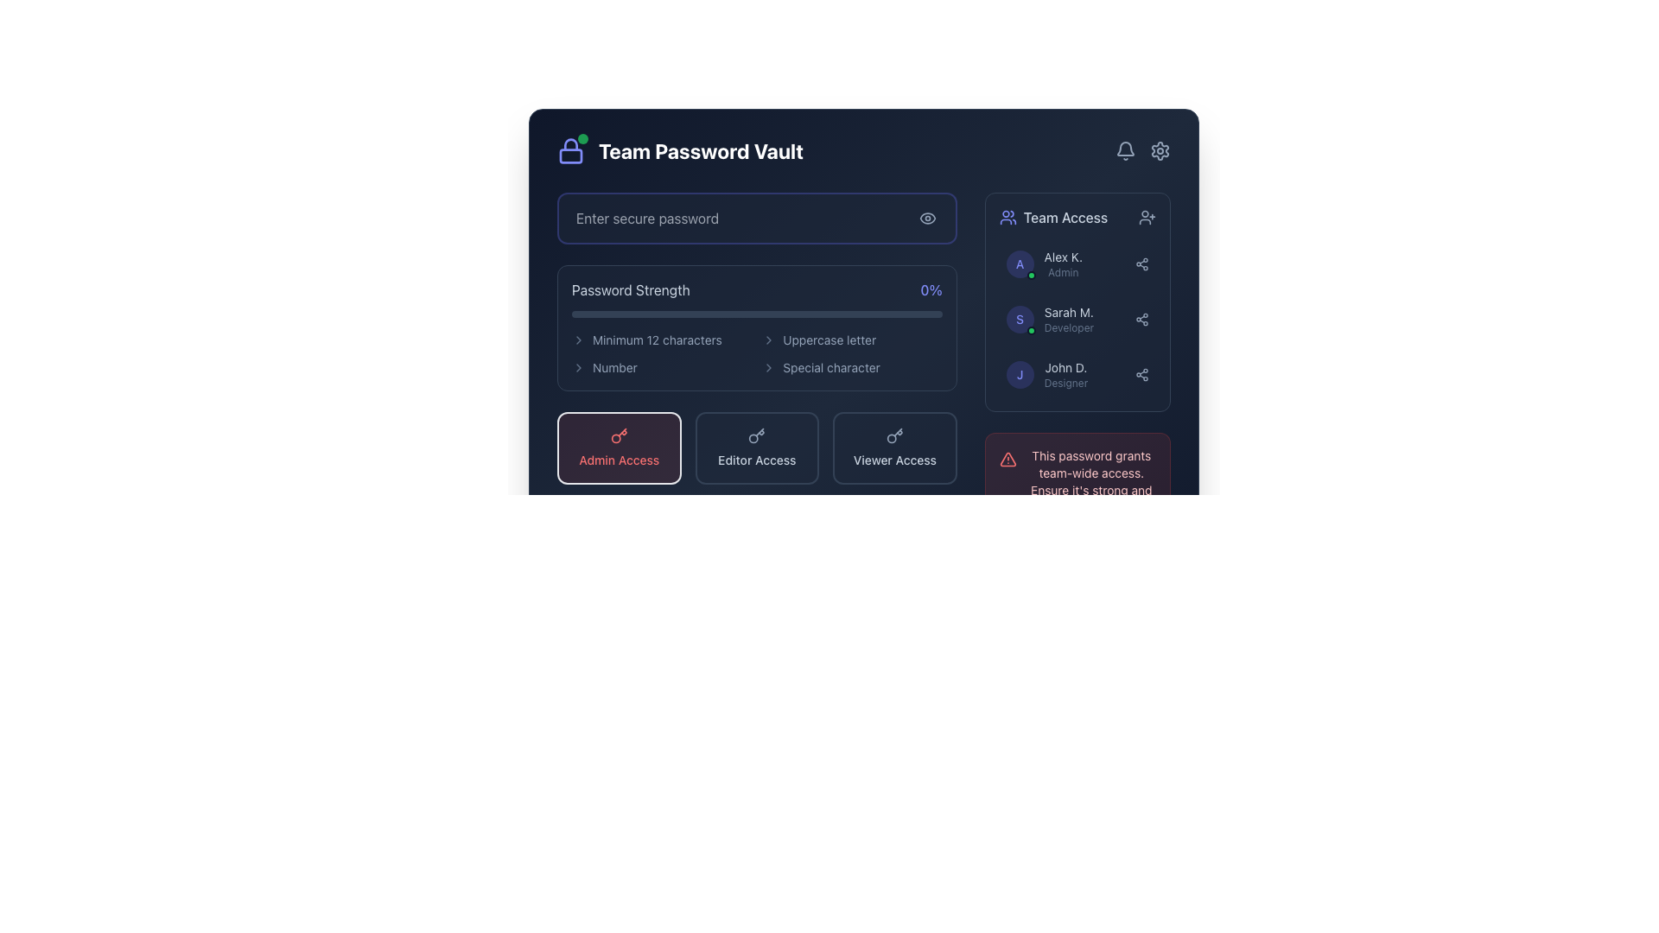 This screenshot has width=1659, height=933. Describe the element at coordinates (931, 289) in the screenshot. I see `the displayed text '0%' of the static text label indicating password strength, located to the right of 'Password Strength'` at that location.